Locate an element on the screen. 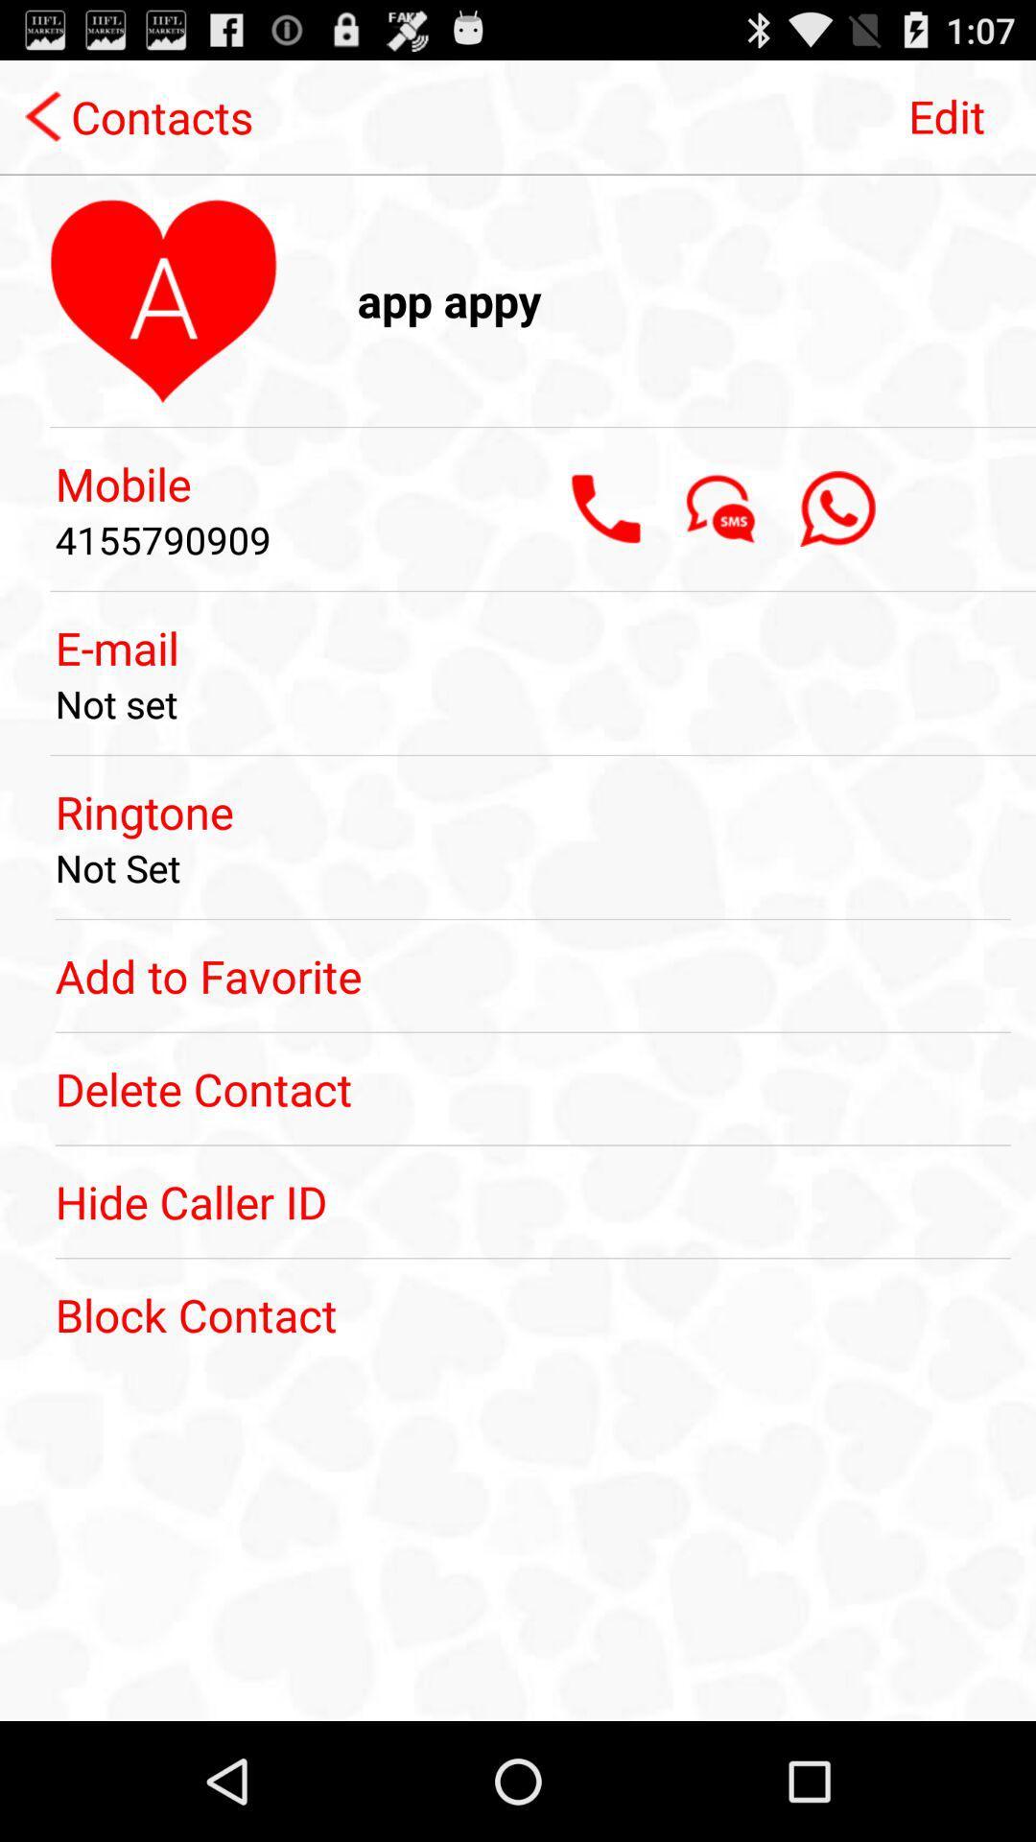 The height and width of the screenshot is (1842, 1036). open chat is located at coordinates (721, 508).